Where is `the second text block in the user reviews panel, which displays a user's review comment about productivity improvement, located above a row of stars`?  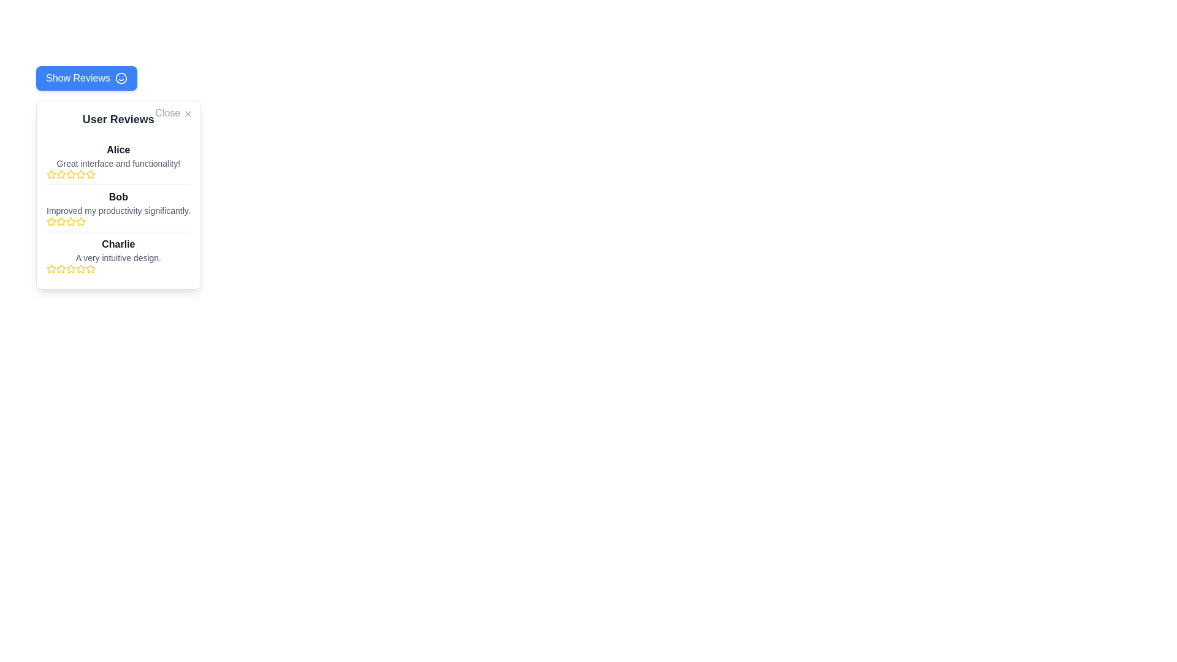 the second text block in the user reviews panel, which displays a user's review comment about productivity improvement, located above a row of stars is located at coordinates (118, 210).